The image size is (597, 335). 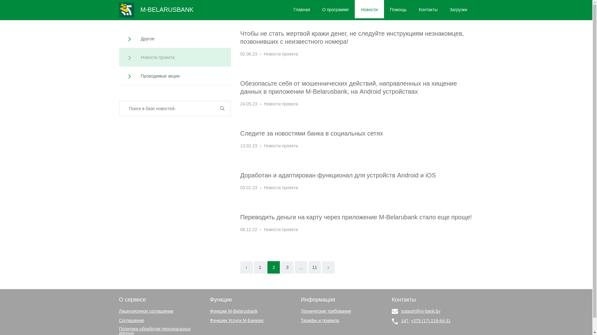 I want to click on '3', so click(x=287, y=267).